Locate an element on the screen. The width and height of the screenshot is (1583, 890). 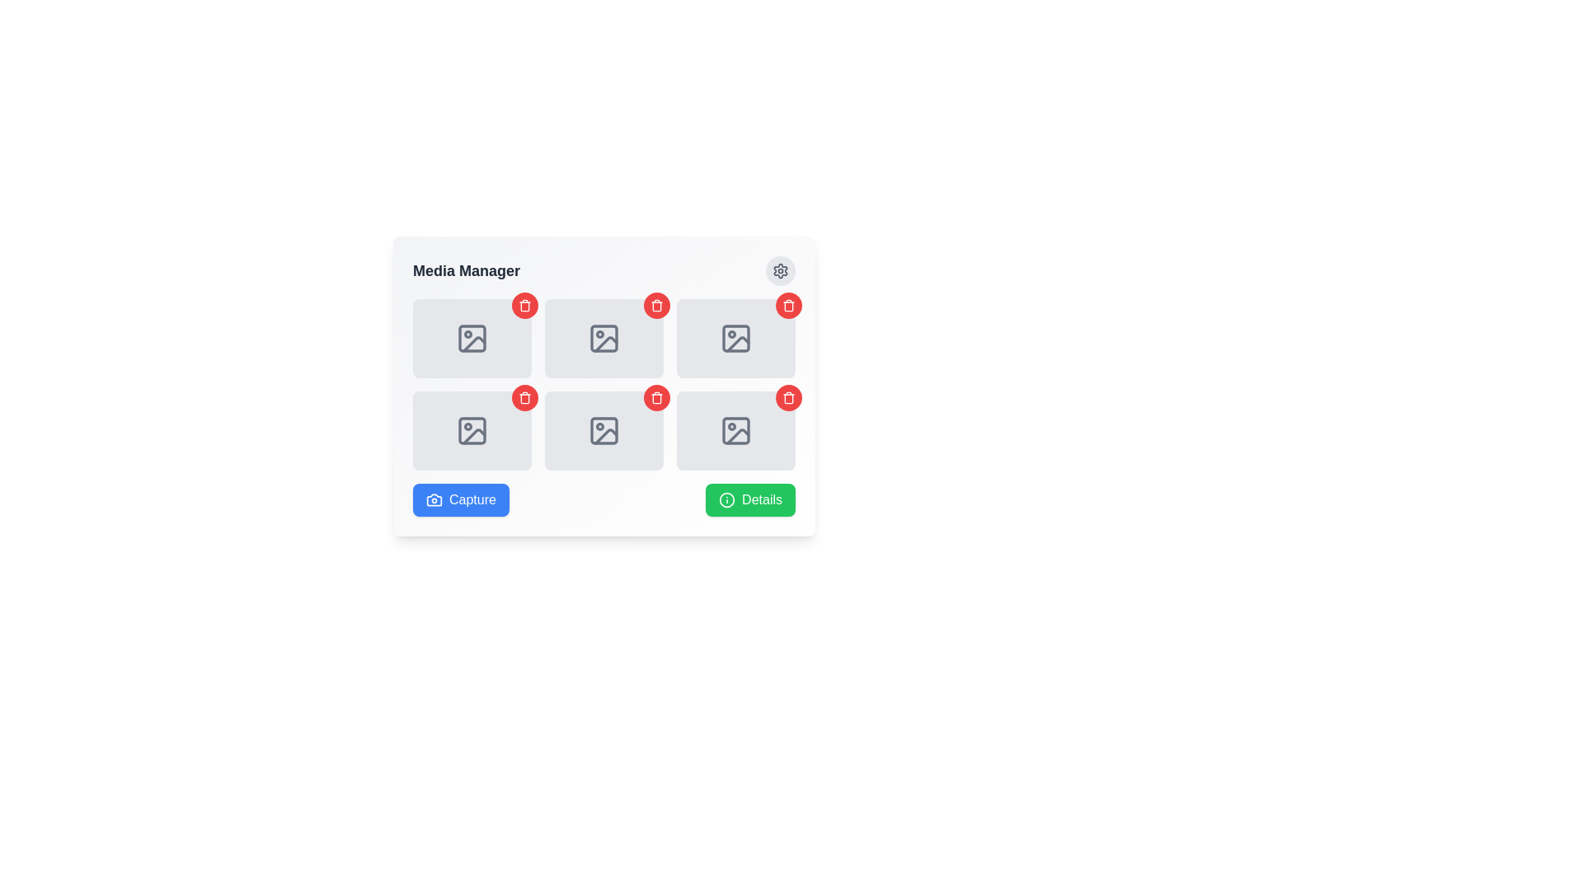
the 'Capture' button which contains the camera icon, located in the bottom-left corner of the interface is located at coordinates (435, 499).